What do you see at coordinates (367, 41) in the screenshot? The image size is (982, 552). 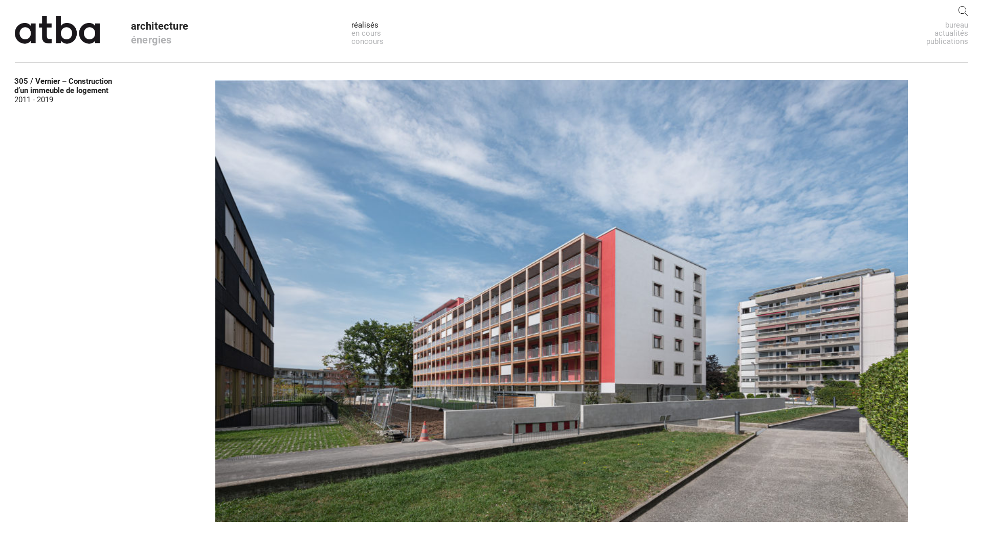 I see `'concours'` at bounding box center [367, 41].